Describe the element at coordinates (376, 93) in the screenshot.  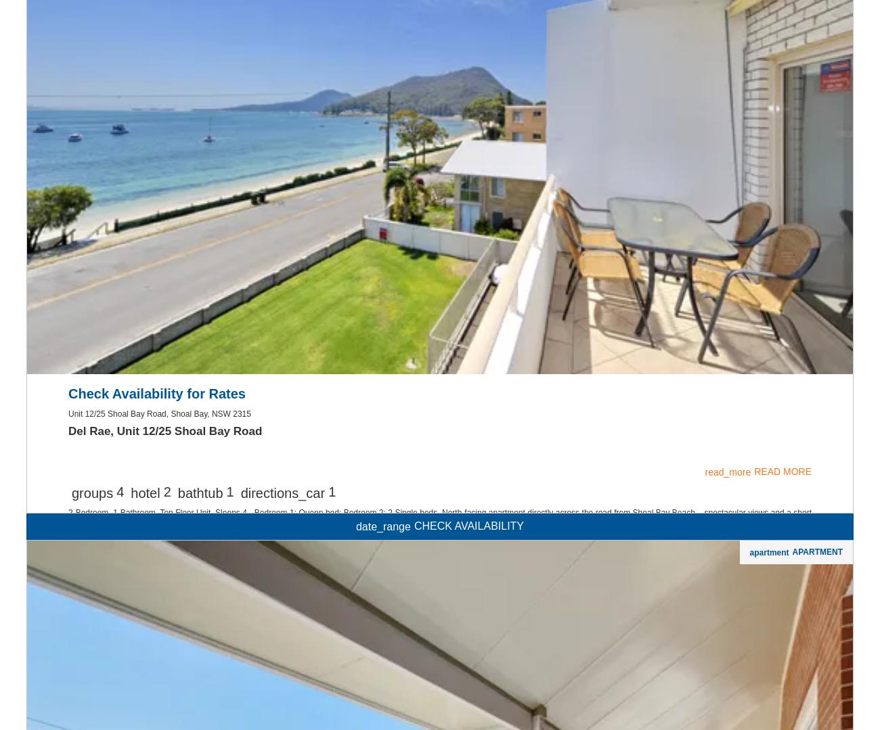
I see `'countertops'` at that location.